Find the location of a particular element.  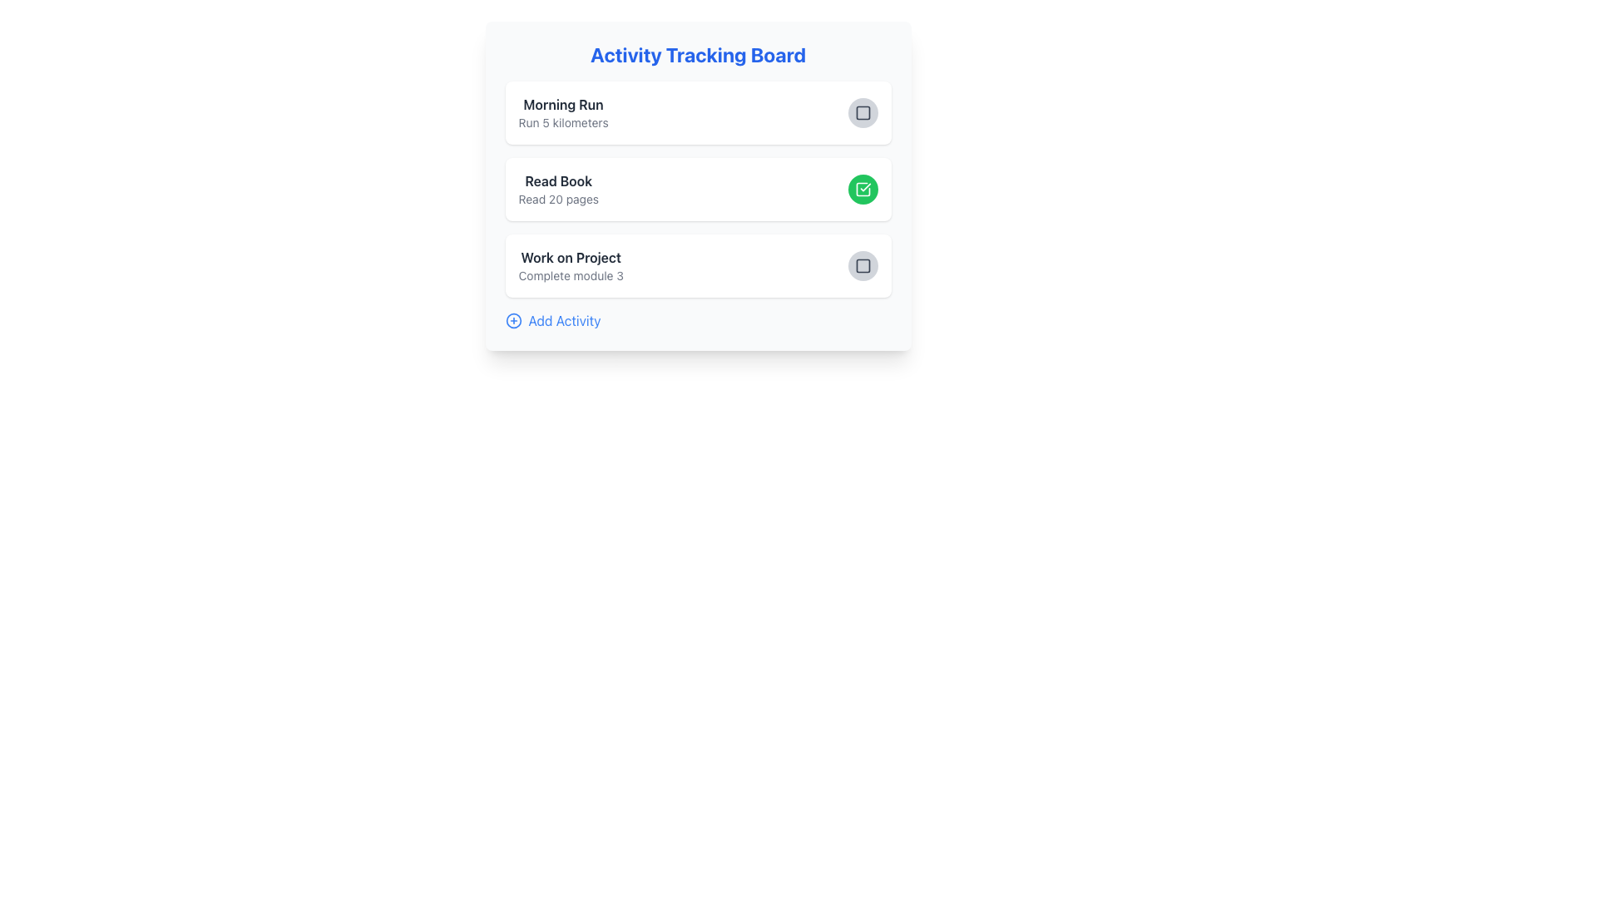

the checkbox boundary icon for the 'Read Book' activity, which is located in the second row and has a green circular background is located at coordinates (863, 188).